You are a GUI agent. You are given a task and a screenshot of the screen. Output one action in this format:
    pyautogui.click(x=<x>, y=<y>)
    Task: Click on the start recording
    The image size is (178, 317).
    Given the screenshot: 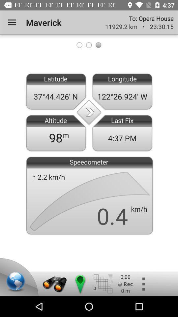 What is the action you would take?
    pyautogui.click(x=125, y=284)
    